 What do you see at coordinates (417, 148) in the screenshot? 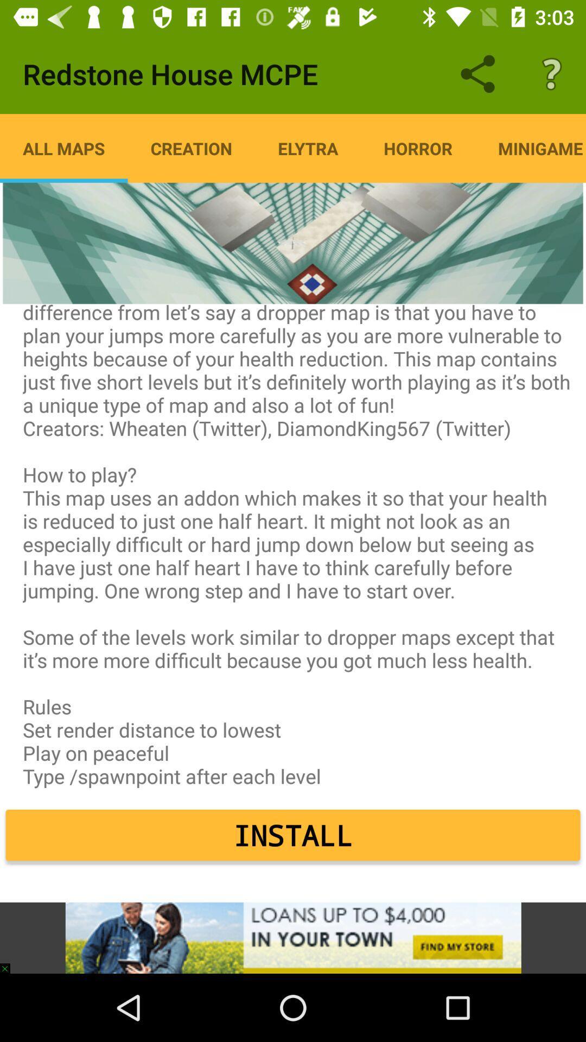
I see `the horror app` at bounding box center [417, 148].